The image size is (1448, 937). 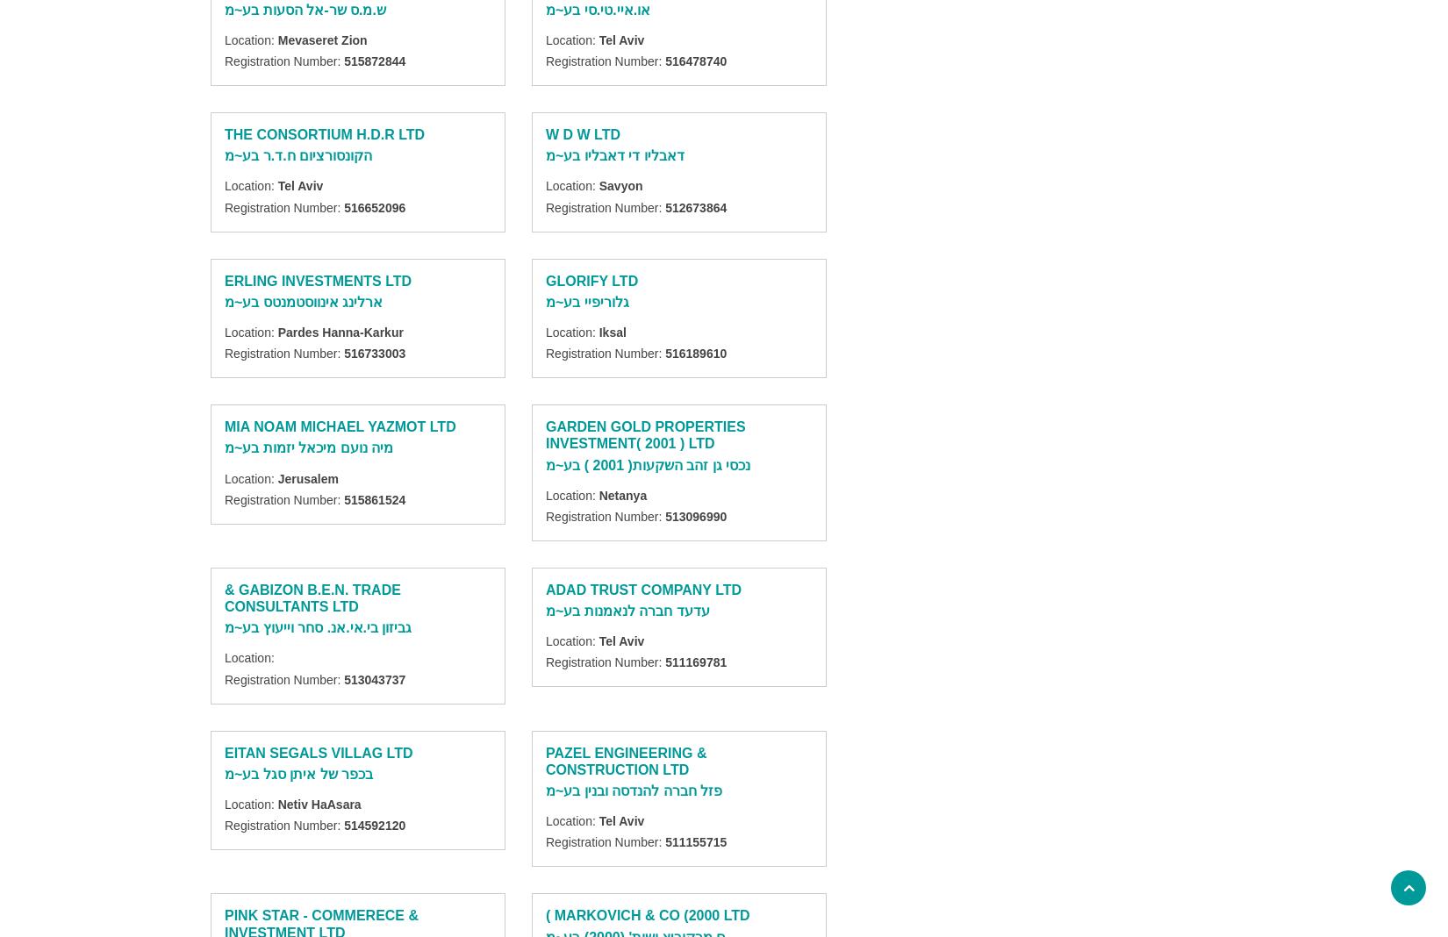 I want to click on '515861524', so click(x=344, y=498).